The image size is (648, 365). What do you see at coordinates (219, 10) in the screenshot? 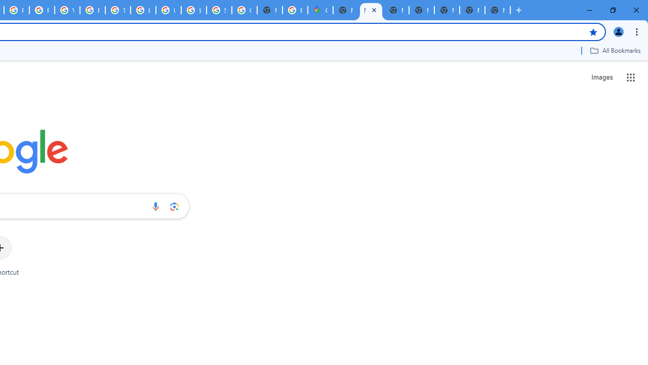
I see `'Sign in - Google Accounts'` at bounding box center [219, 10].